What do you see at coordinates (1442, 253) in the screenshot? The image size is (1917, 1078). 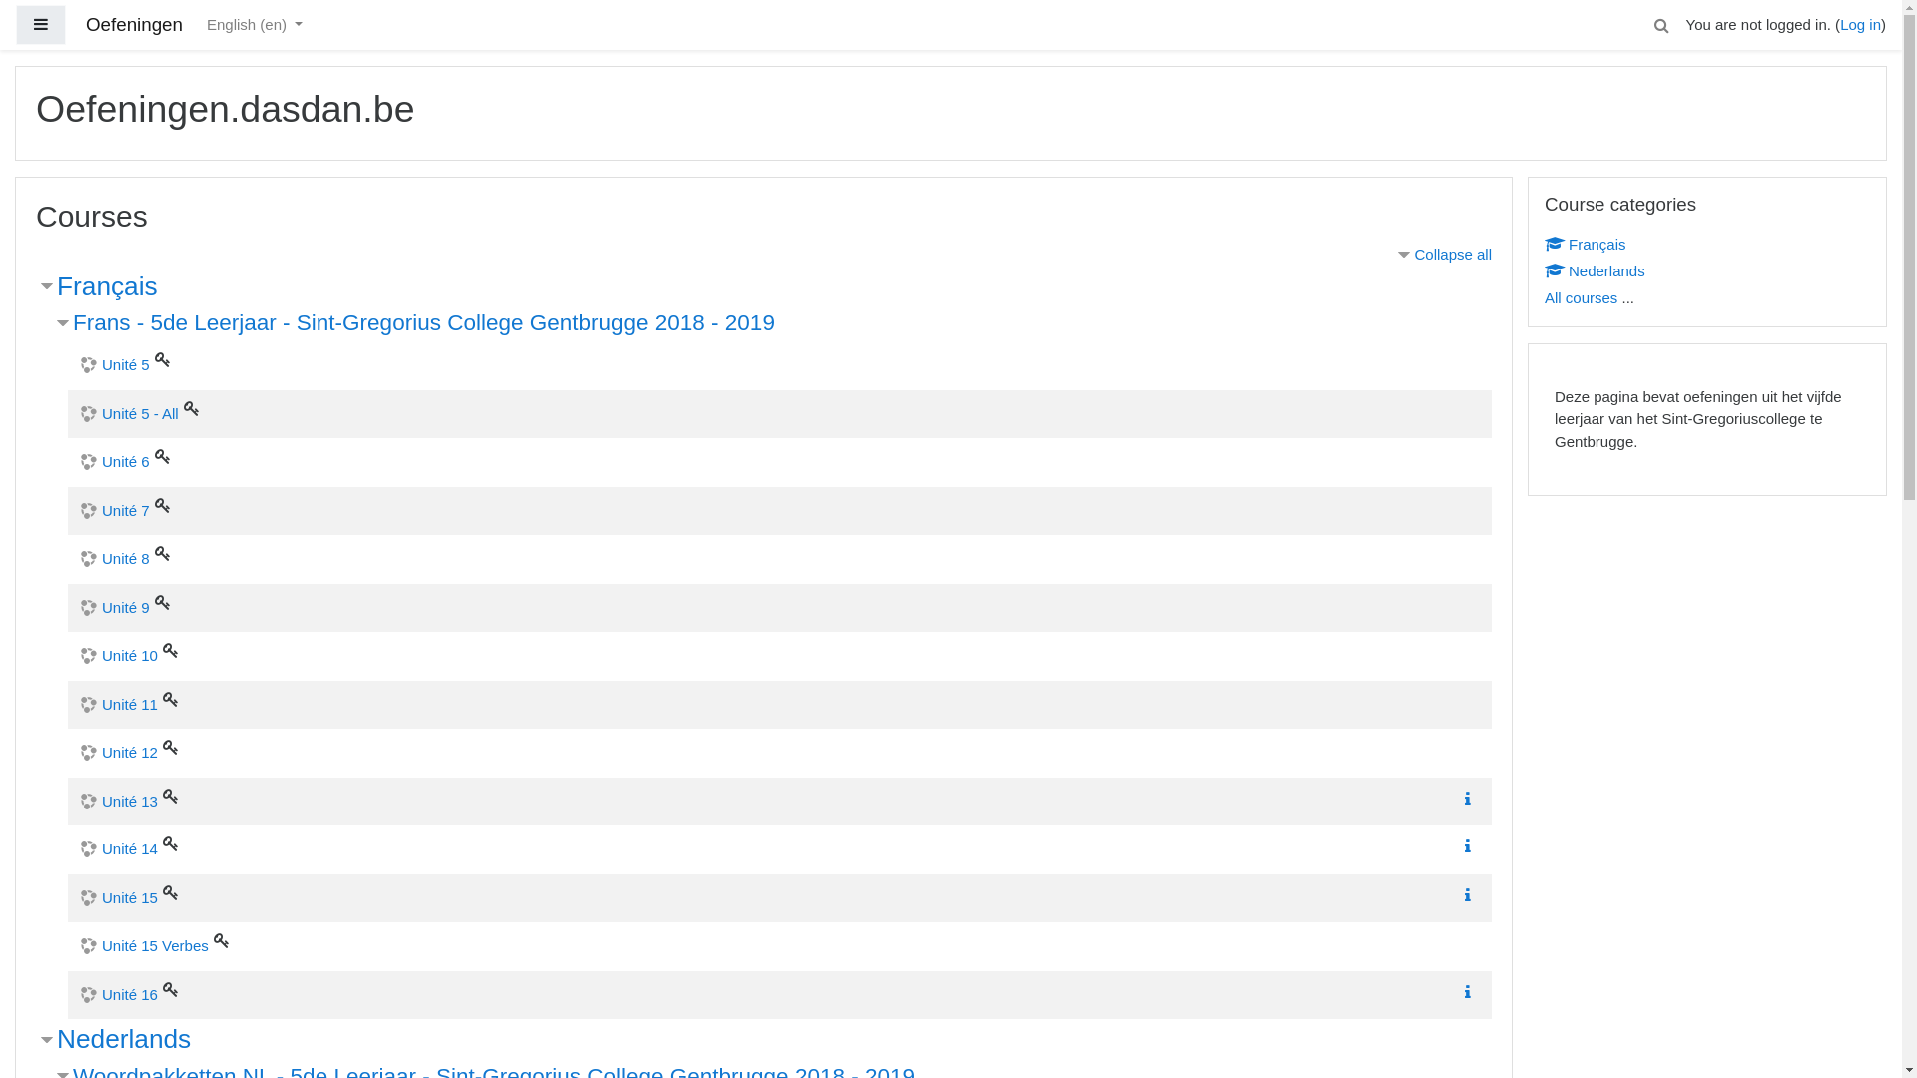 I see `'Collapse all'` at bounding box center [1442, 253].